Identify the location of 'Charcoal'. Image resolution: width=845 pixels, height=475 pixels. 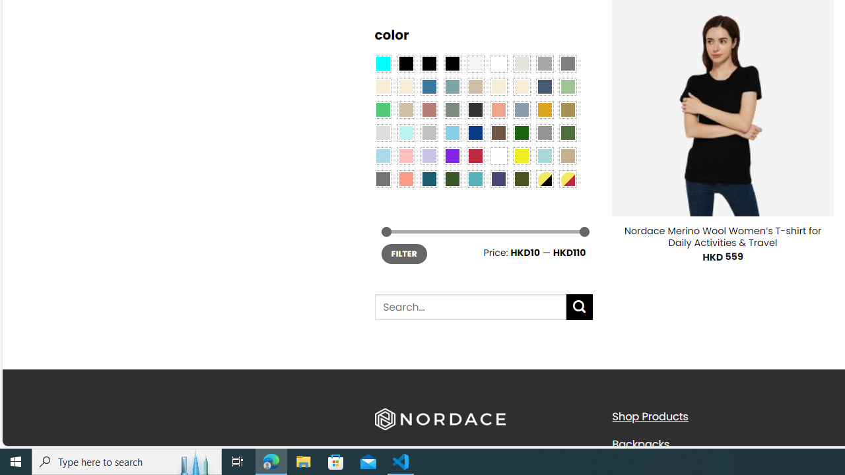
(475, 108).